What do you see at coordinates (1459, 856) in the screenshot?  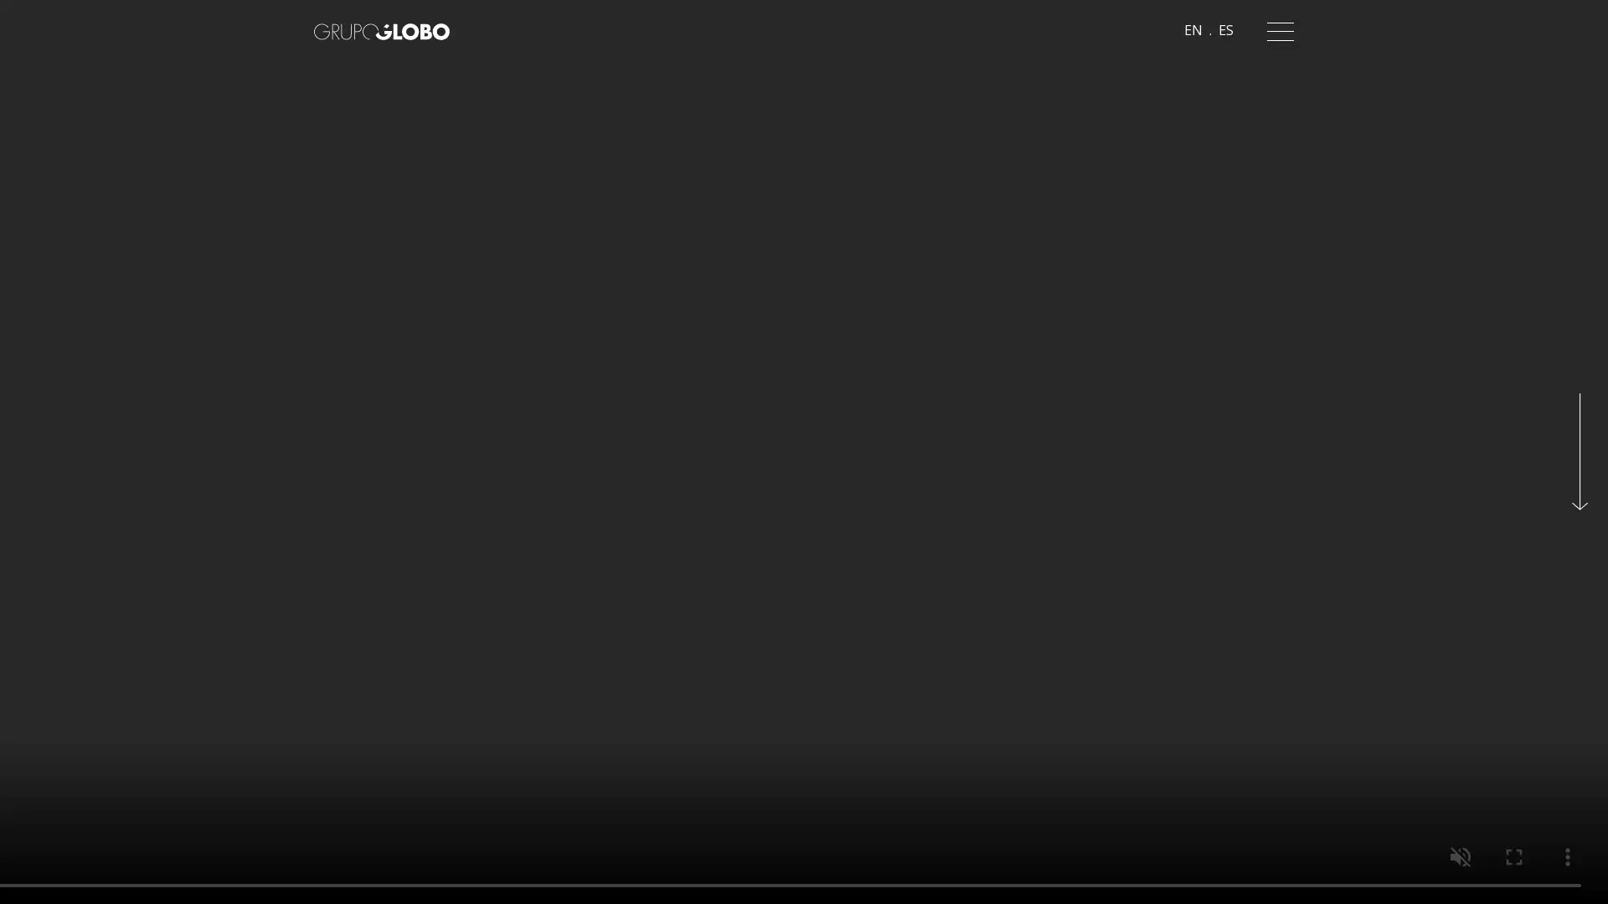 I see `unmute` at bounding box center [1459, 856].